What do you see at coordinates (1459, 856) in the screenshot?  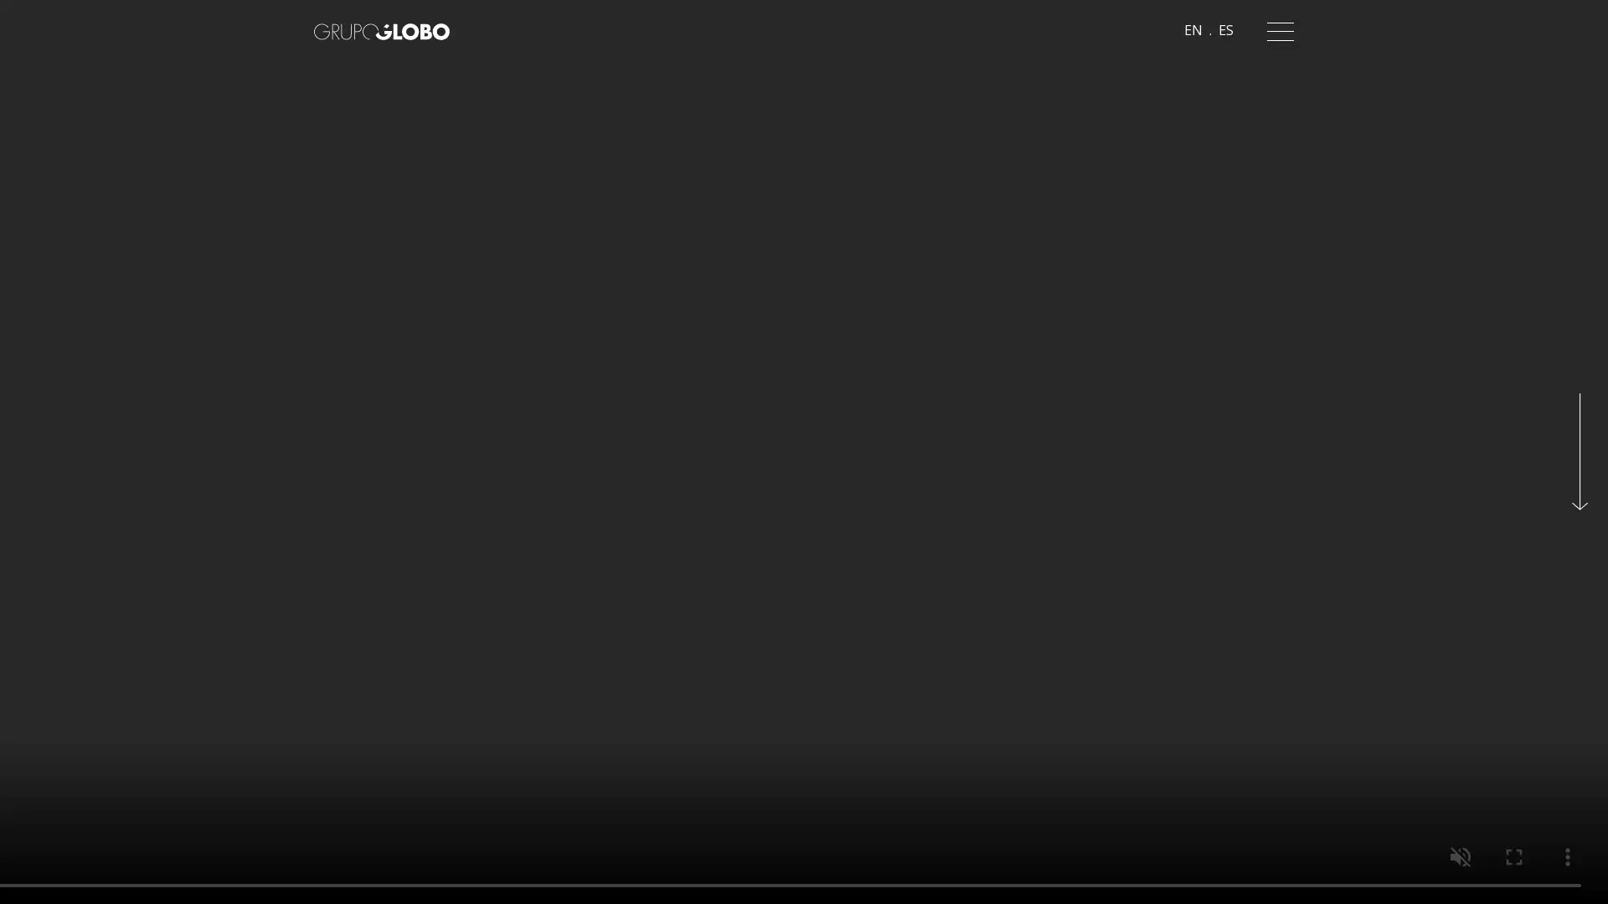 I see `unmute` at bounding box center [1459, 856].